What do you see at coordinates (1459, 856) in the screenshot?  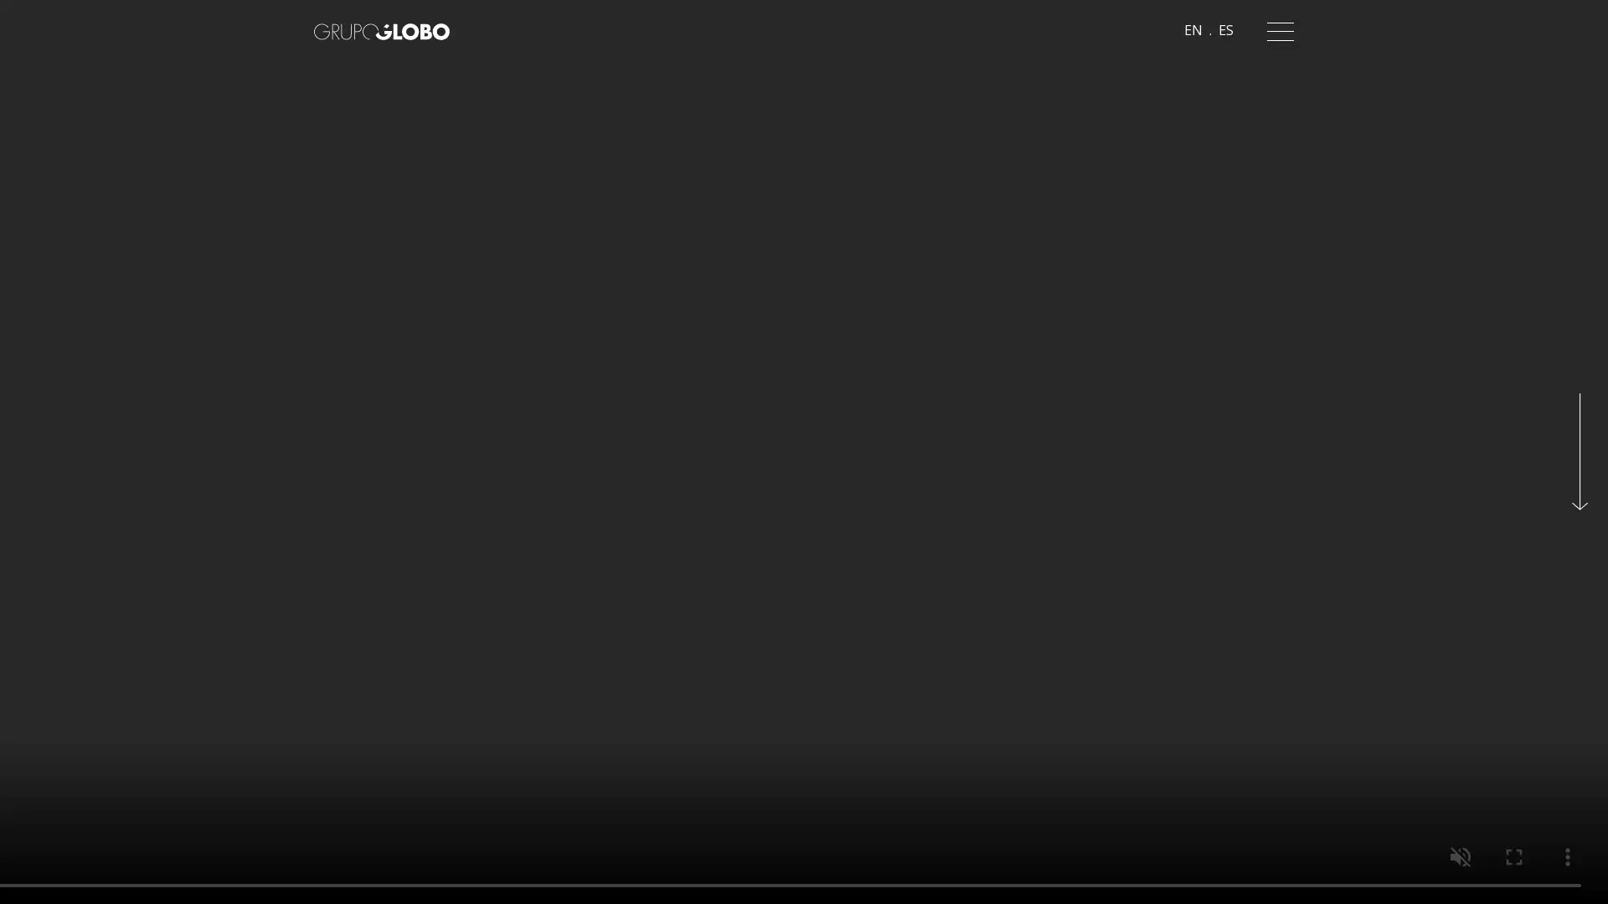 I see `unmute` at bounding box center [1459, 856].